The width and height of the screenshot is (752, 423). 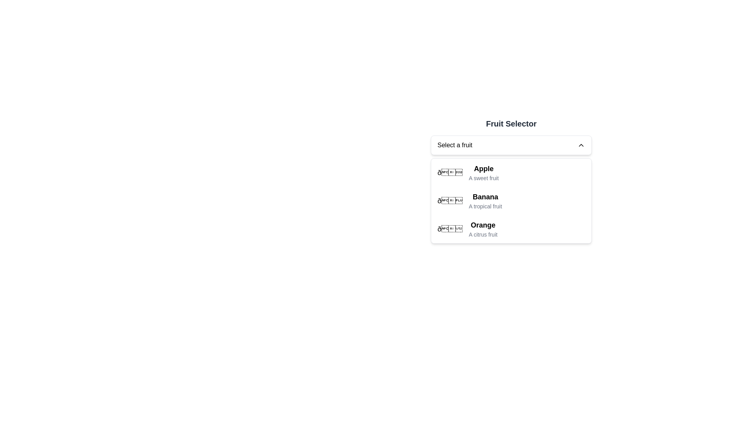 I want to click on to select the 'Banana' option from the dropdown list, which is the second item located between 'Apple' and 'Orange', so click(x=511, y=210).